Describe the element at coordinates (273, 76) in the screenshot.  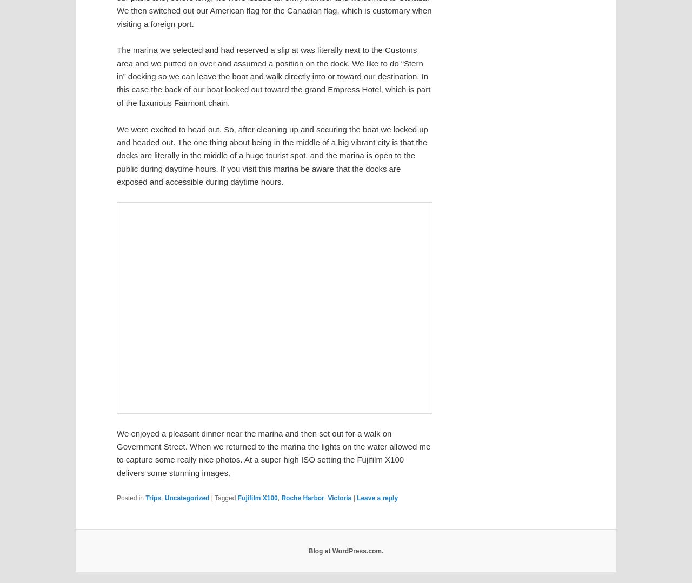
I see `'The marina we selected and had reserved a slip at was literally next to the Customs area and we putted on over and assumed a position on the dock. We like to do “Stern in” docking so we can leave the boat and walk directly into or toward our destination. In this case the back of our boat looked out toward the grand Empress Hotel, which is part of the luxurious Fairmont chain.'` at that location.